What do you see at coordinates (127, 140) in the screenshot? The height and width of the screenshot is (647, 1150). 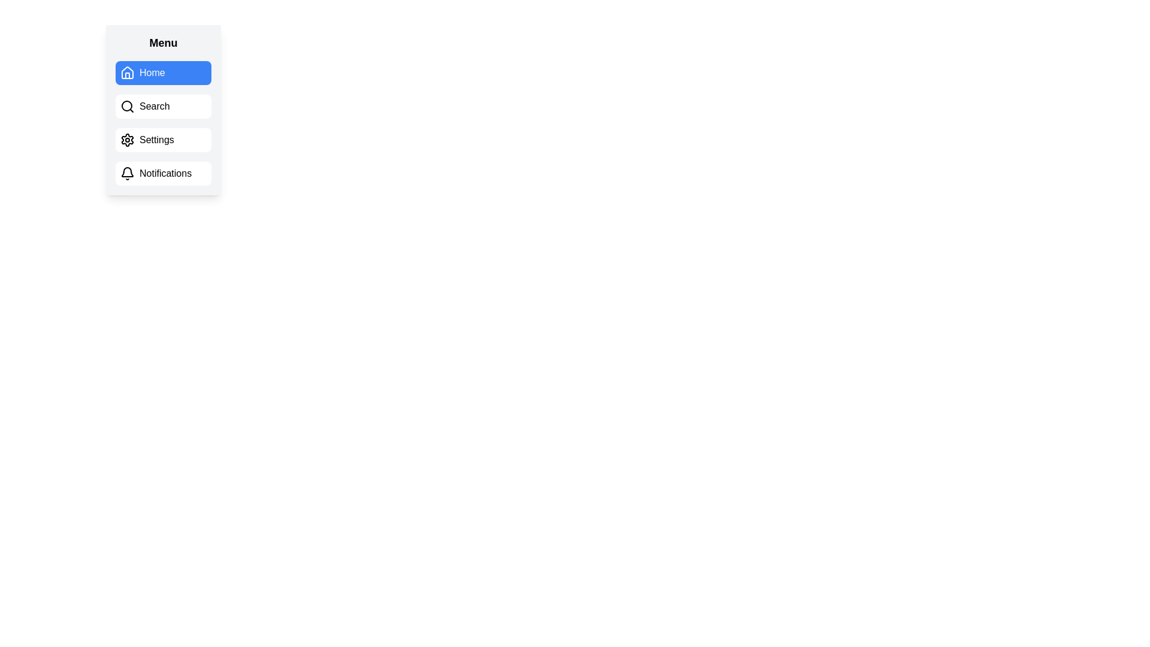 I see `the settings icon which is the left-aligned graphical part of the menu item labeled 'Settings', the third option in the menu layout` at bounding box center [127, 140].